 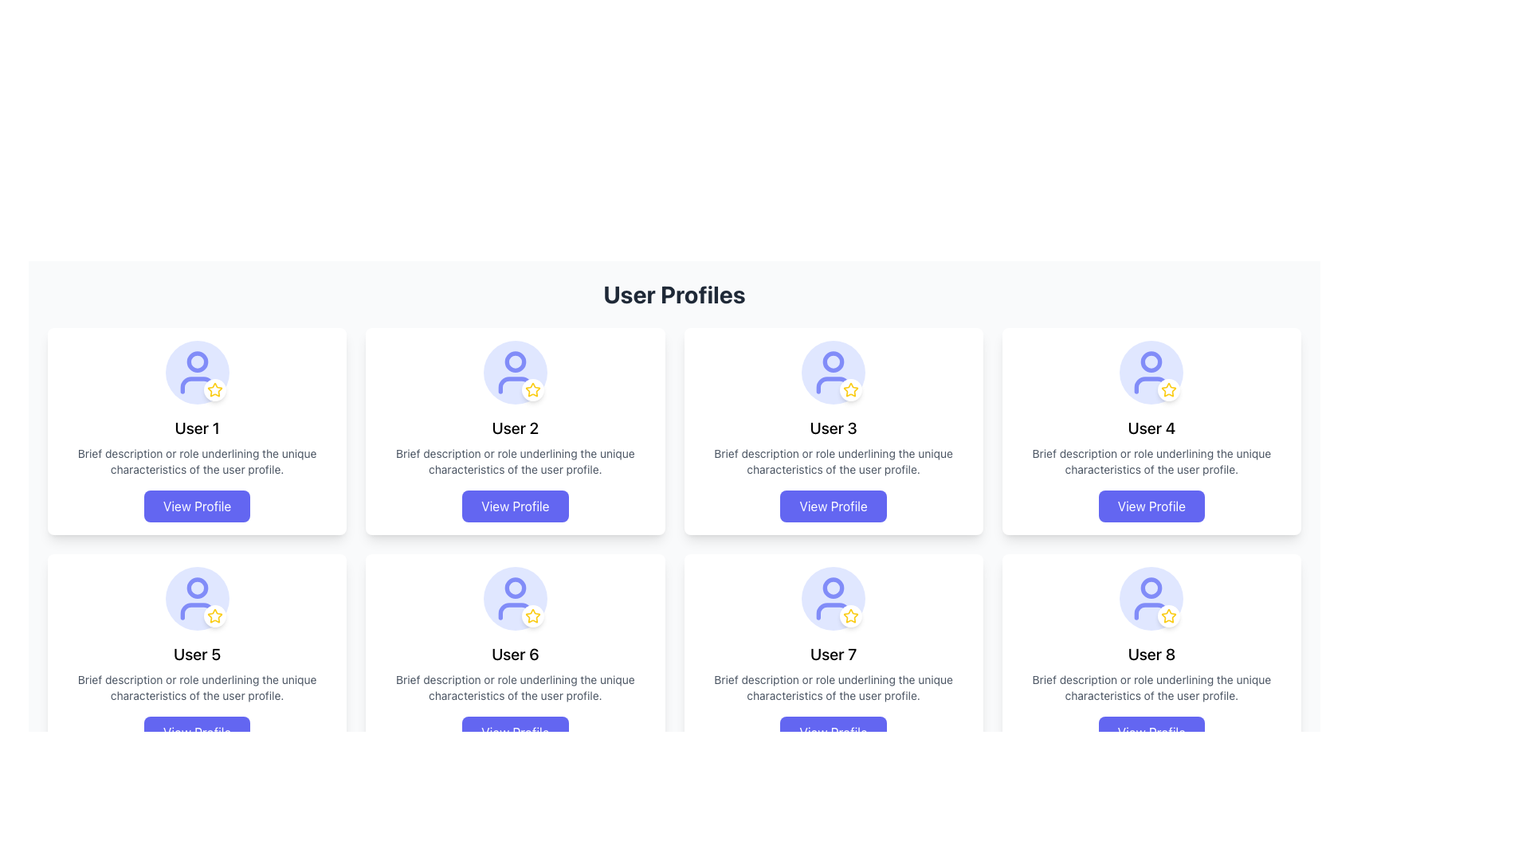 I want to click on the 'View Profile' button, so click(x=515, y=506).